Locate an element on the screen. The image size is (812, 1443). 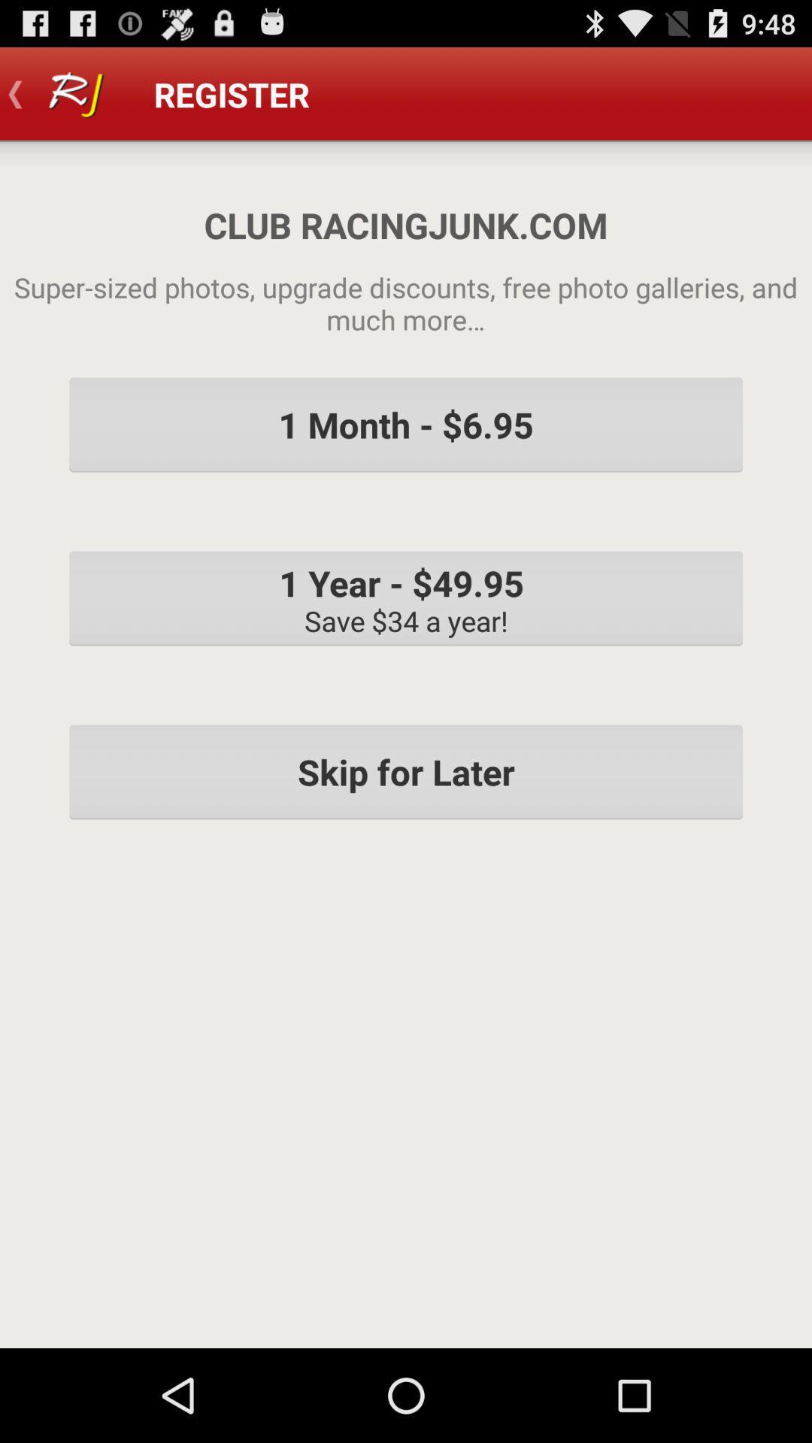
1 month 6 item is located at coordinates (406, 424).